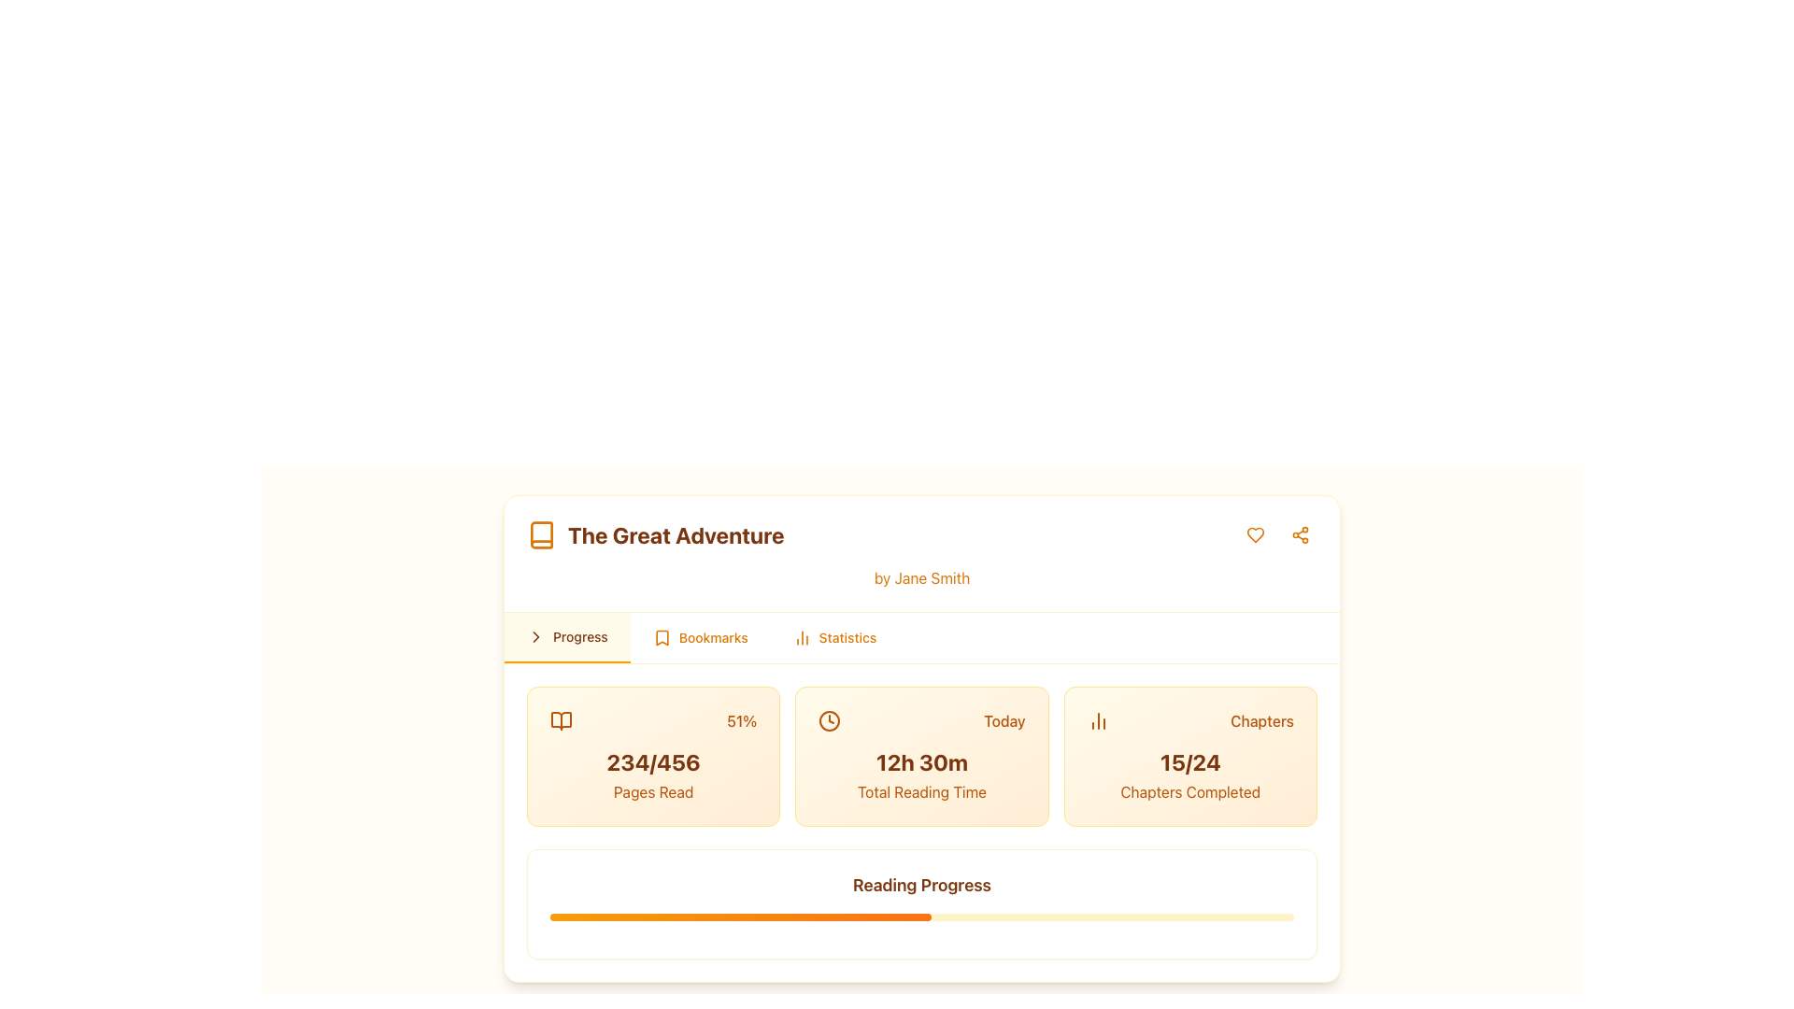  Describe the element at coordinates (922, 762) in the screenshot. I see `the Text Label that displays the total reading time for the day, positioned centrally in the middle block of a three-column layout, framed by 'Today' above and 'Total Reading Time' below` at that location.